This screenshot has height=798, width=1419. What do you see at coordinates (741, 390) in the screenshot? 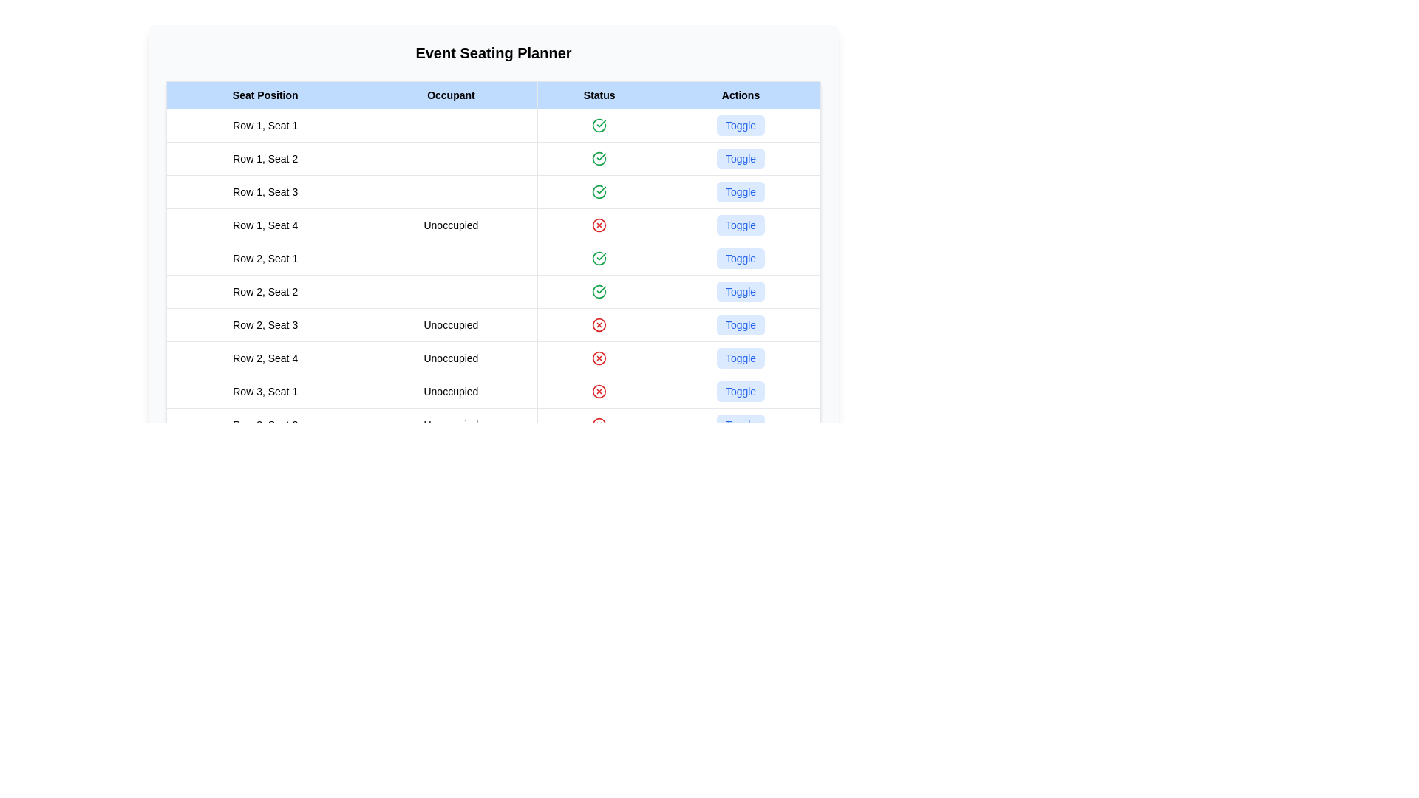
I see `the toggle button located in the 'Actions' column of the last row labeled 'Row 3, Seat 1'` at bounding box center [741, 390].